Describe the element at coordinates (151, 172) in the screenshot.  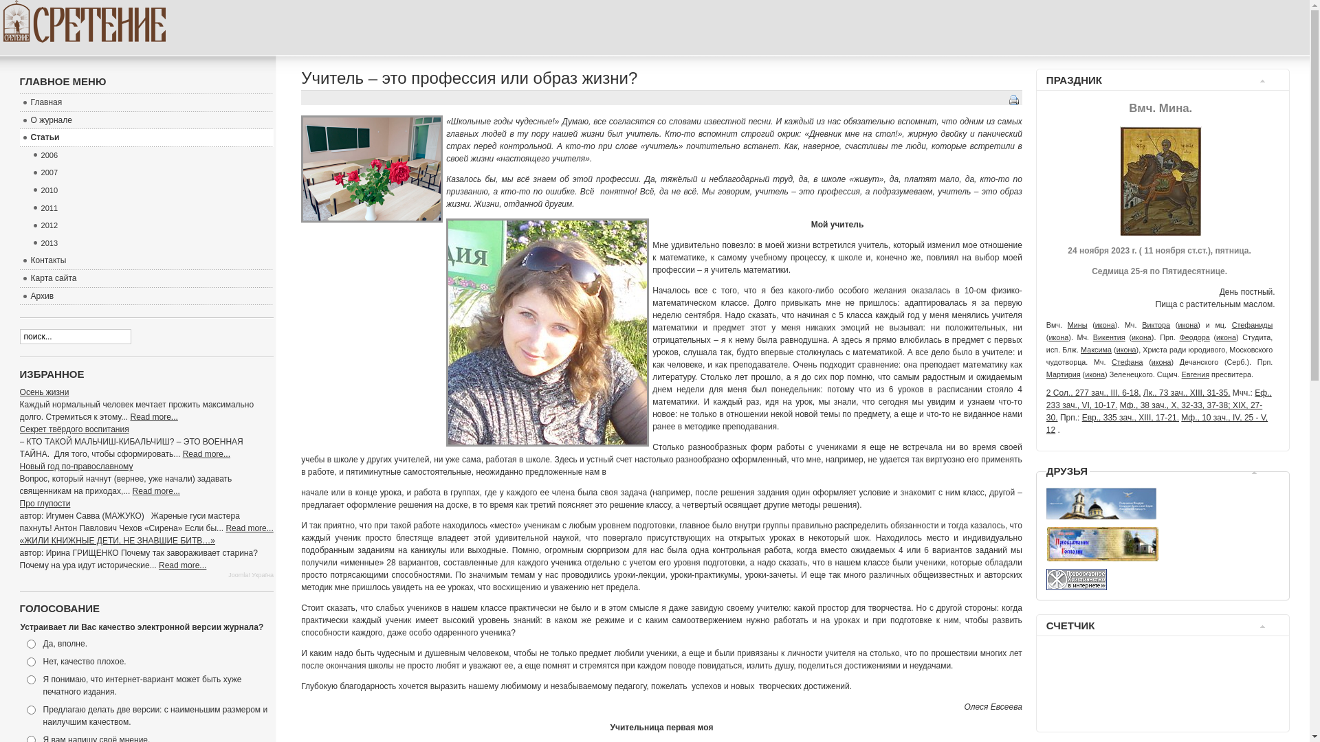
I see `'2007'` at that location.